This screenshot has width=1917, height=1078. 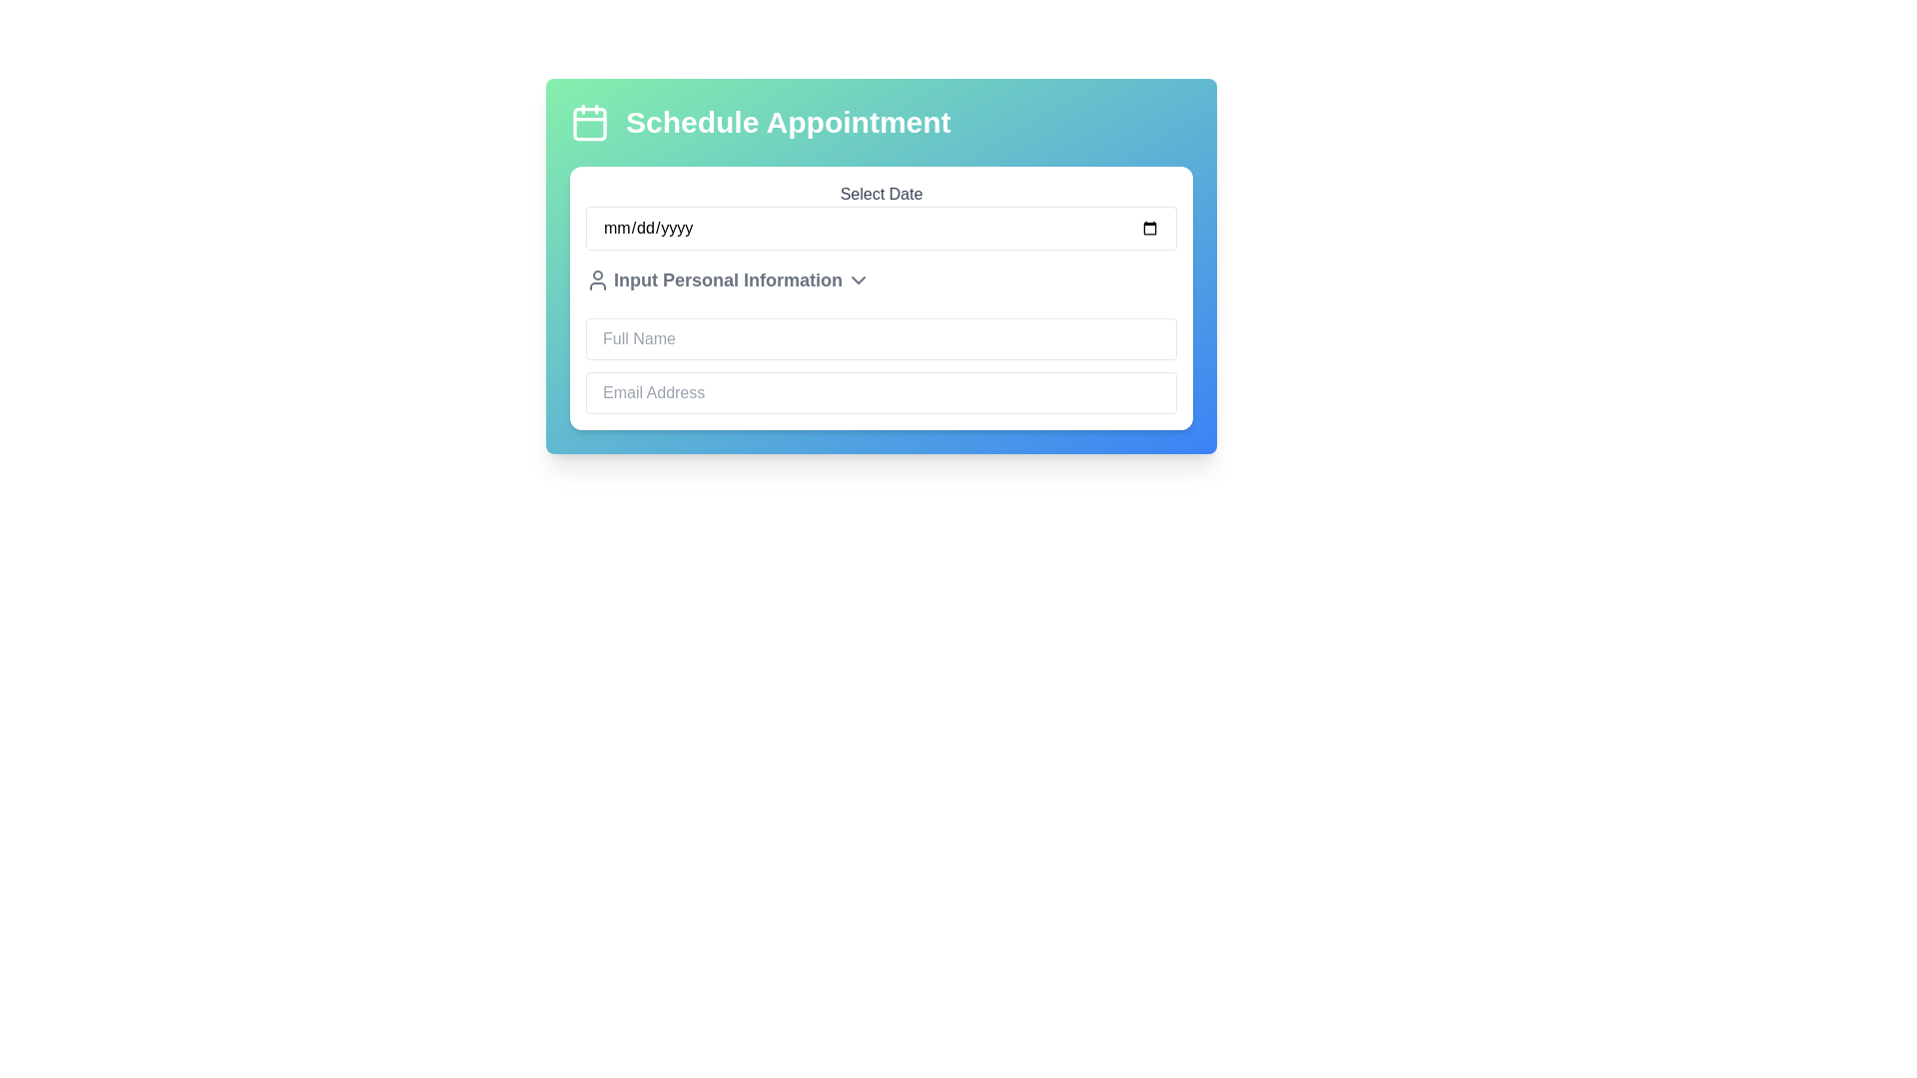 I want to click on text displayed on the 'Schedule Appointment' label, which is in bold white font on a gradient background, so click(x=787, y=123).